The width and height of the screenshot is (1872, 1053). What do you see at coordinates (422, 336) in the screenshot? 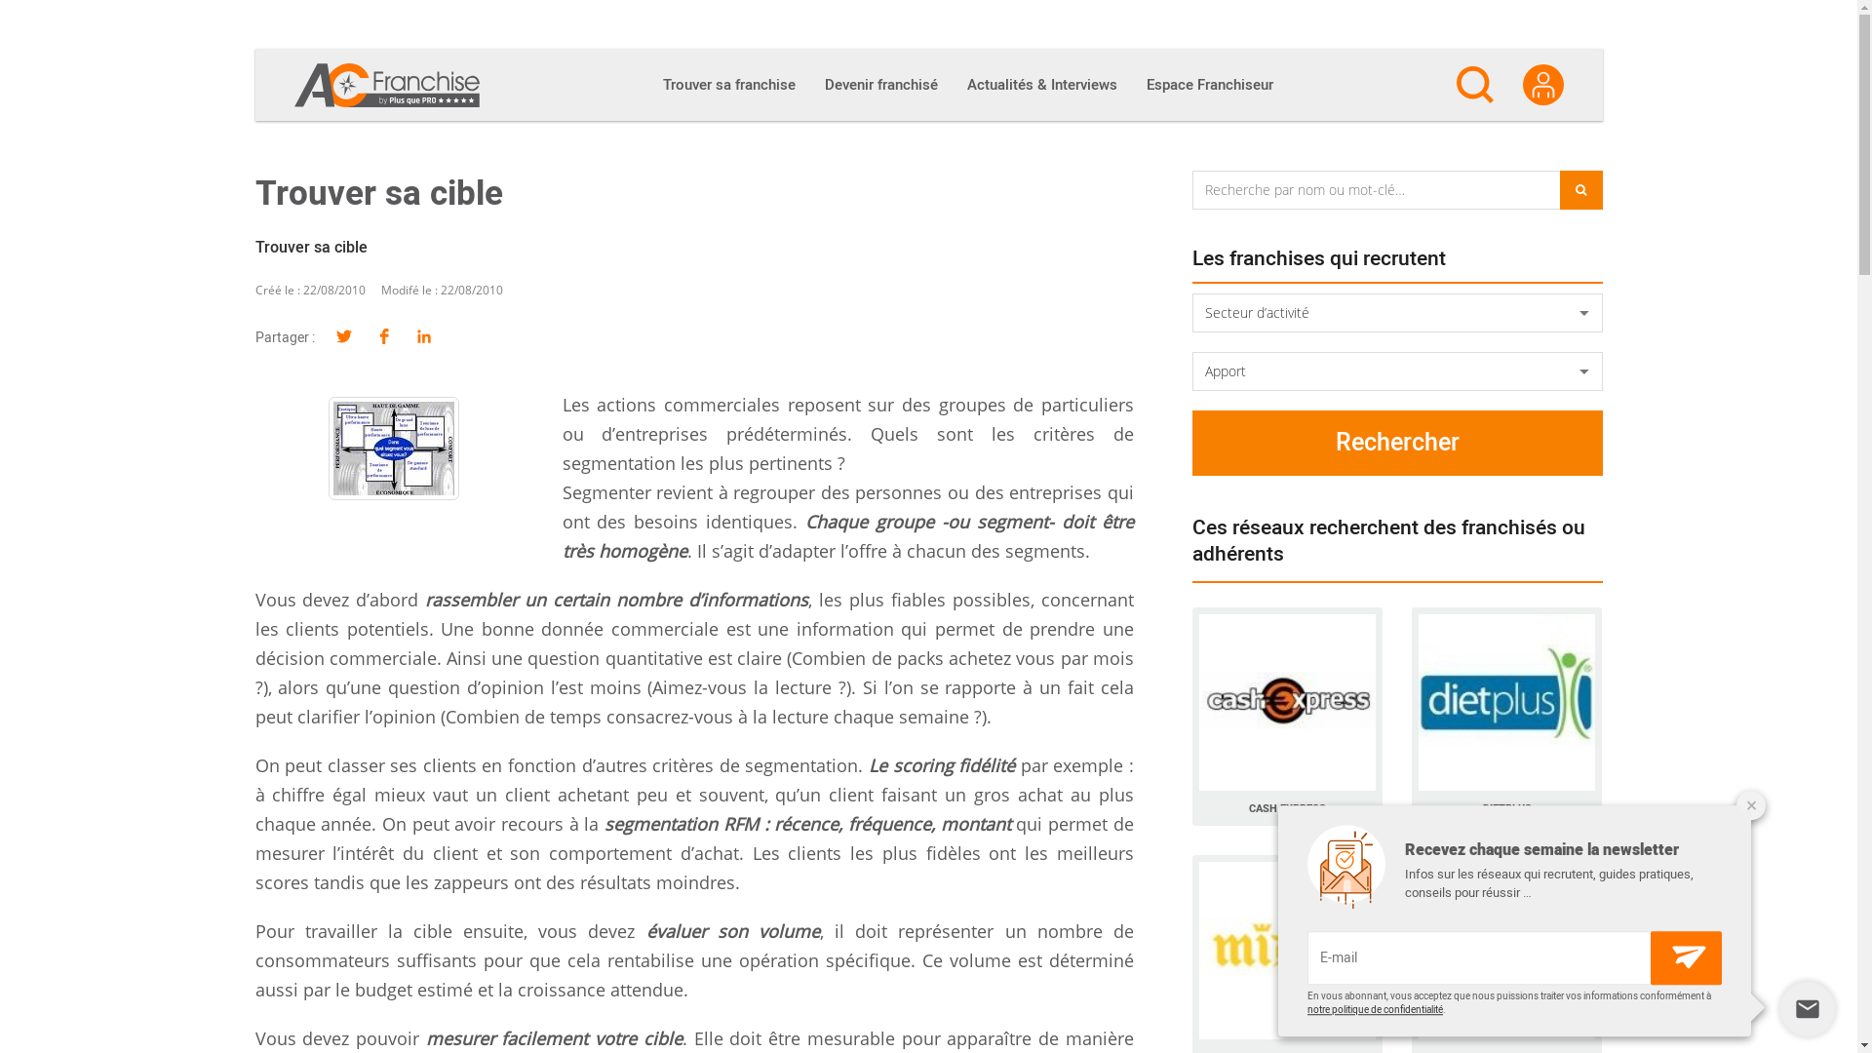
I see `'Share on LinkedIn'` at bounding box center [422, 336].